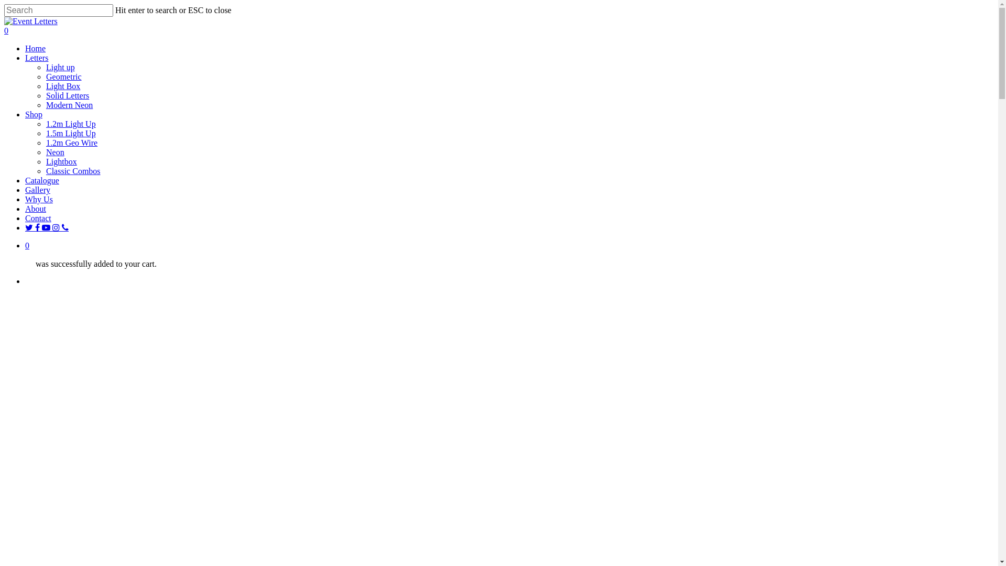 This screenshot has height=566, width=1006. What do you see at coordinates (35, 48) in the screenshot?
I see `'Home'` at bounding box center [35, 48].